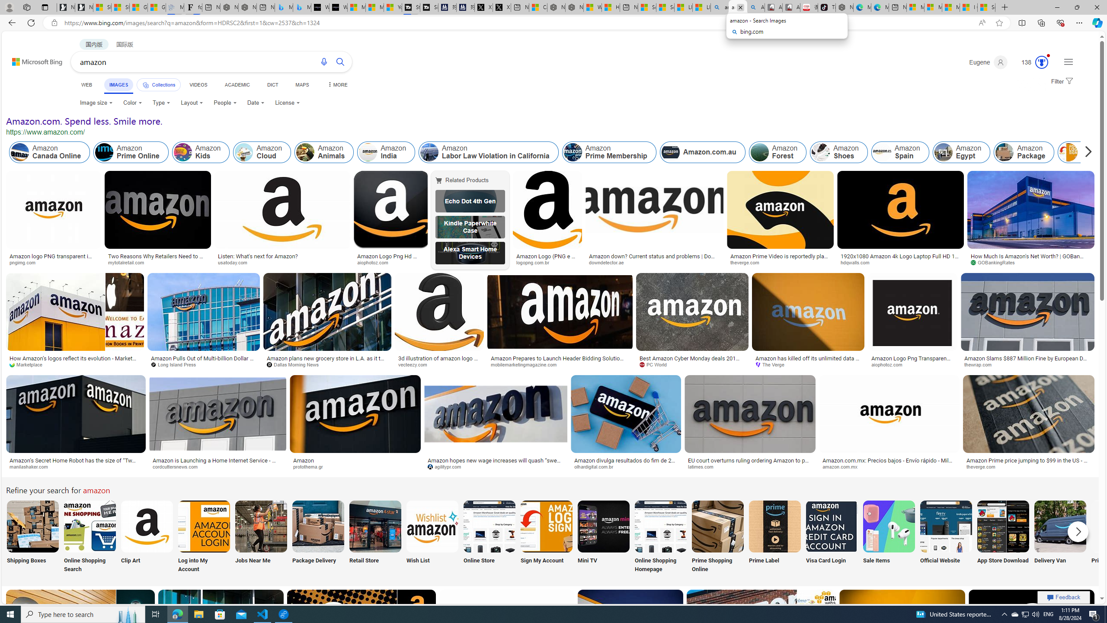 The height and width of the screenshot is (623, 1107). Describe the element at coordinates (161, 103) in the screenshot. I see `'Type'` at that location.